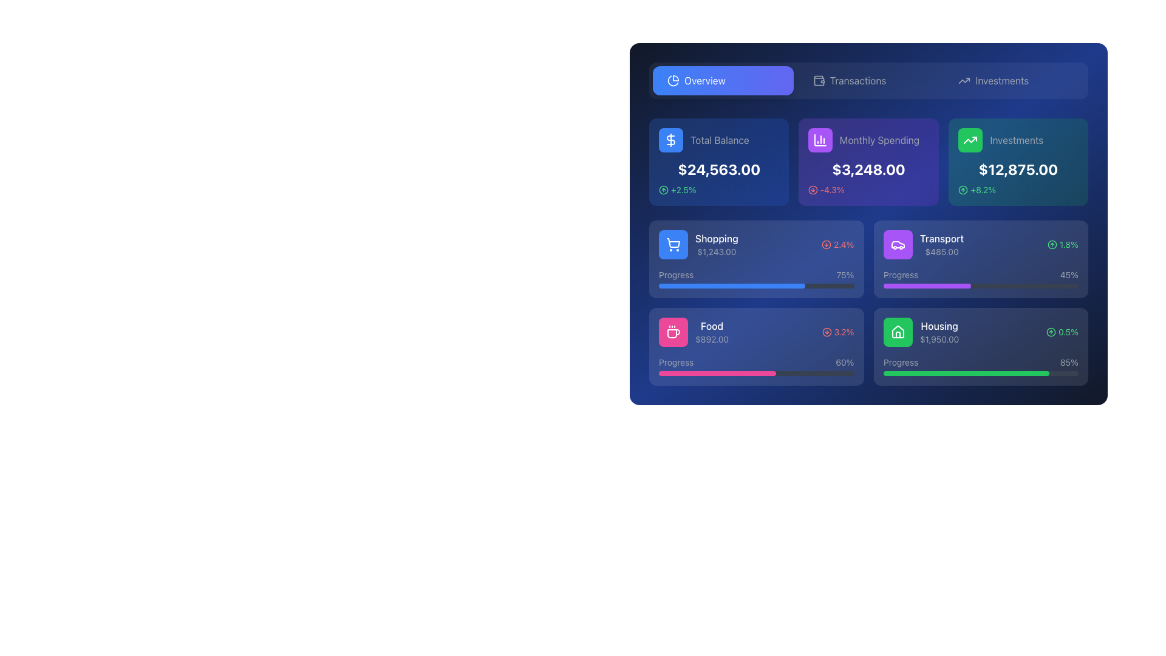 The image size is (1166, 656). Describe the element at coordinates (712, 340) in the screenshot. I see `text content of the Text Label indicating the amount spent on the 'Food' category, which is located beneath the 'Food' label in the dashboard interface` at that location.